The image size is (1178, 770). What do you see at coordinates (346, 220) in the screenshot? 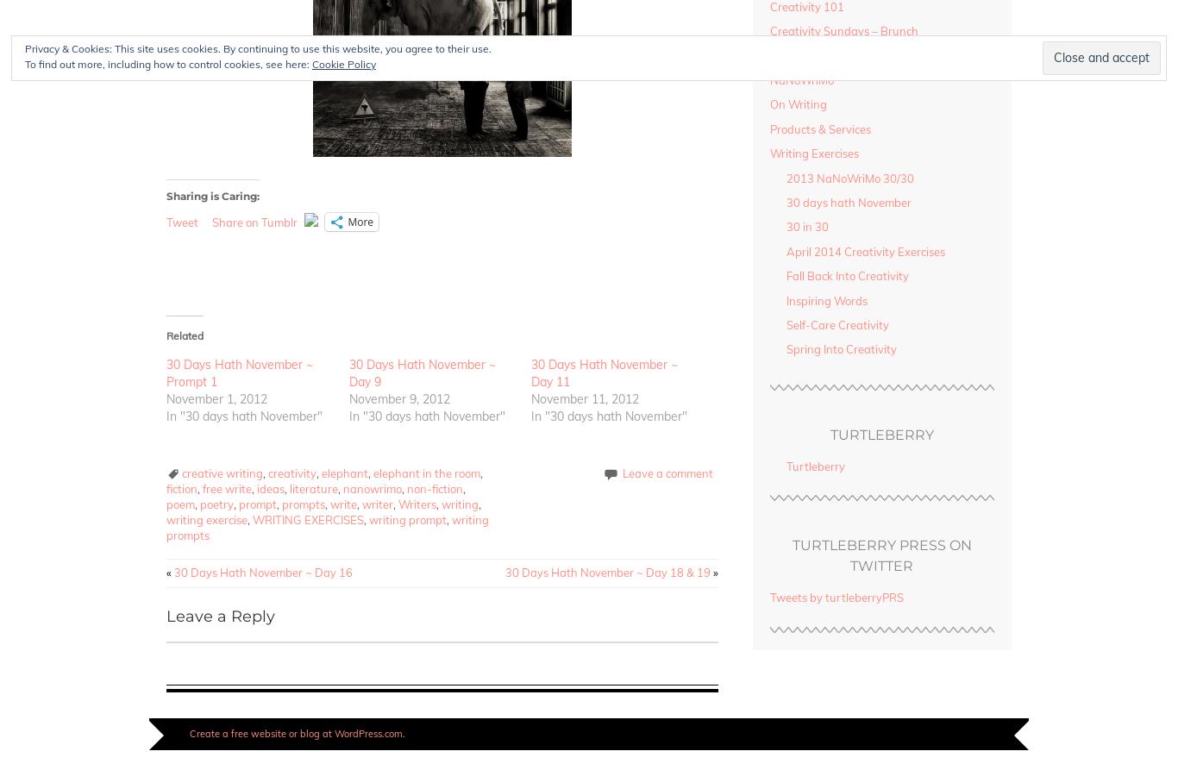
I see `'More'` at bounding box center [346, 220].